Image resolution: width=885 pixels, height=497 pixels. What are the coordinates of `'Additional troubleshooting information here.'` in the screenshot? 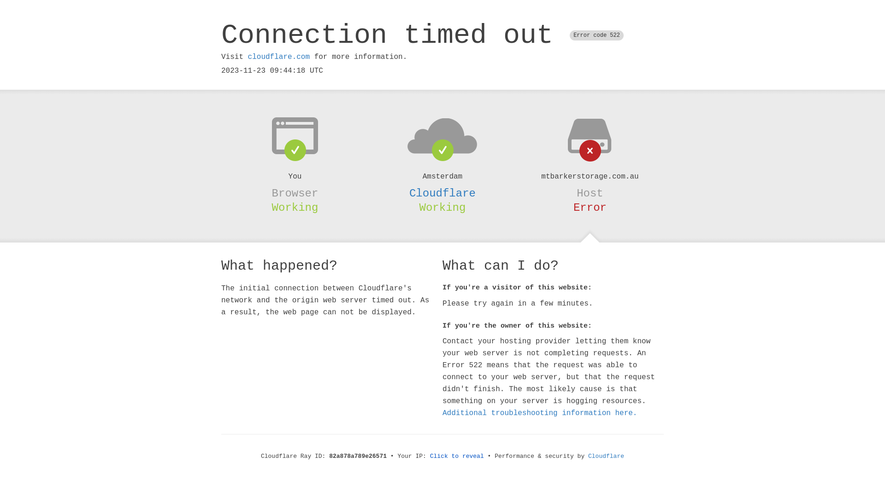 It's located at (540, 413).